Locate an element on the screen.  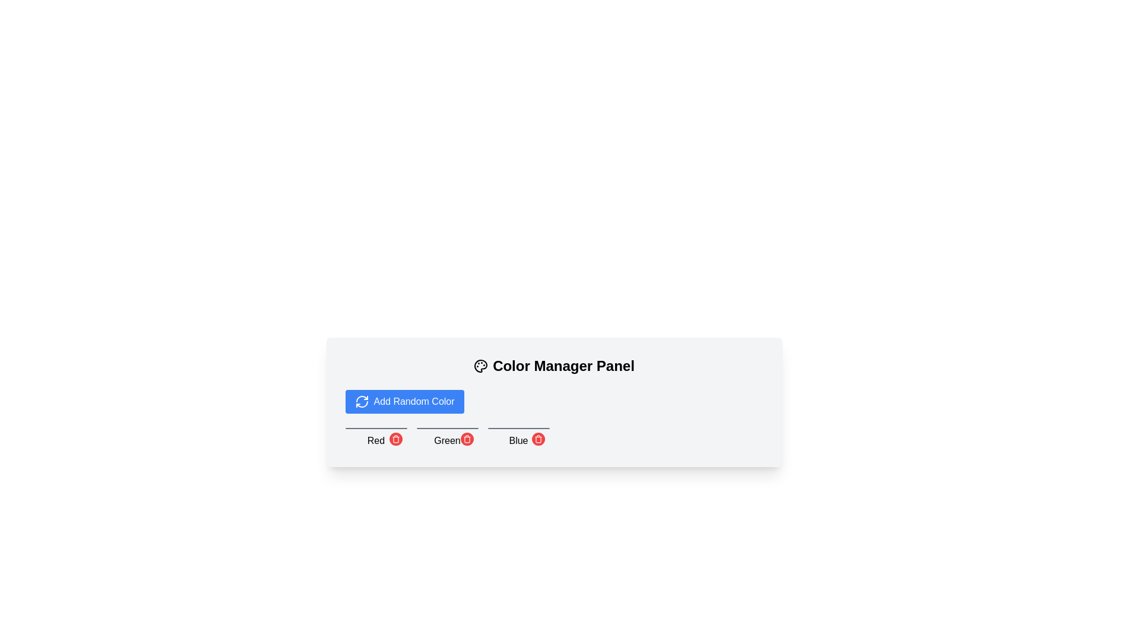
the middle segment of the trash can icon, which represents deletion or removal functionalities is located at coordinates (466, 440).